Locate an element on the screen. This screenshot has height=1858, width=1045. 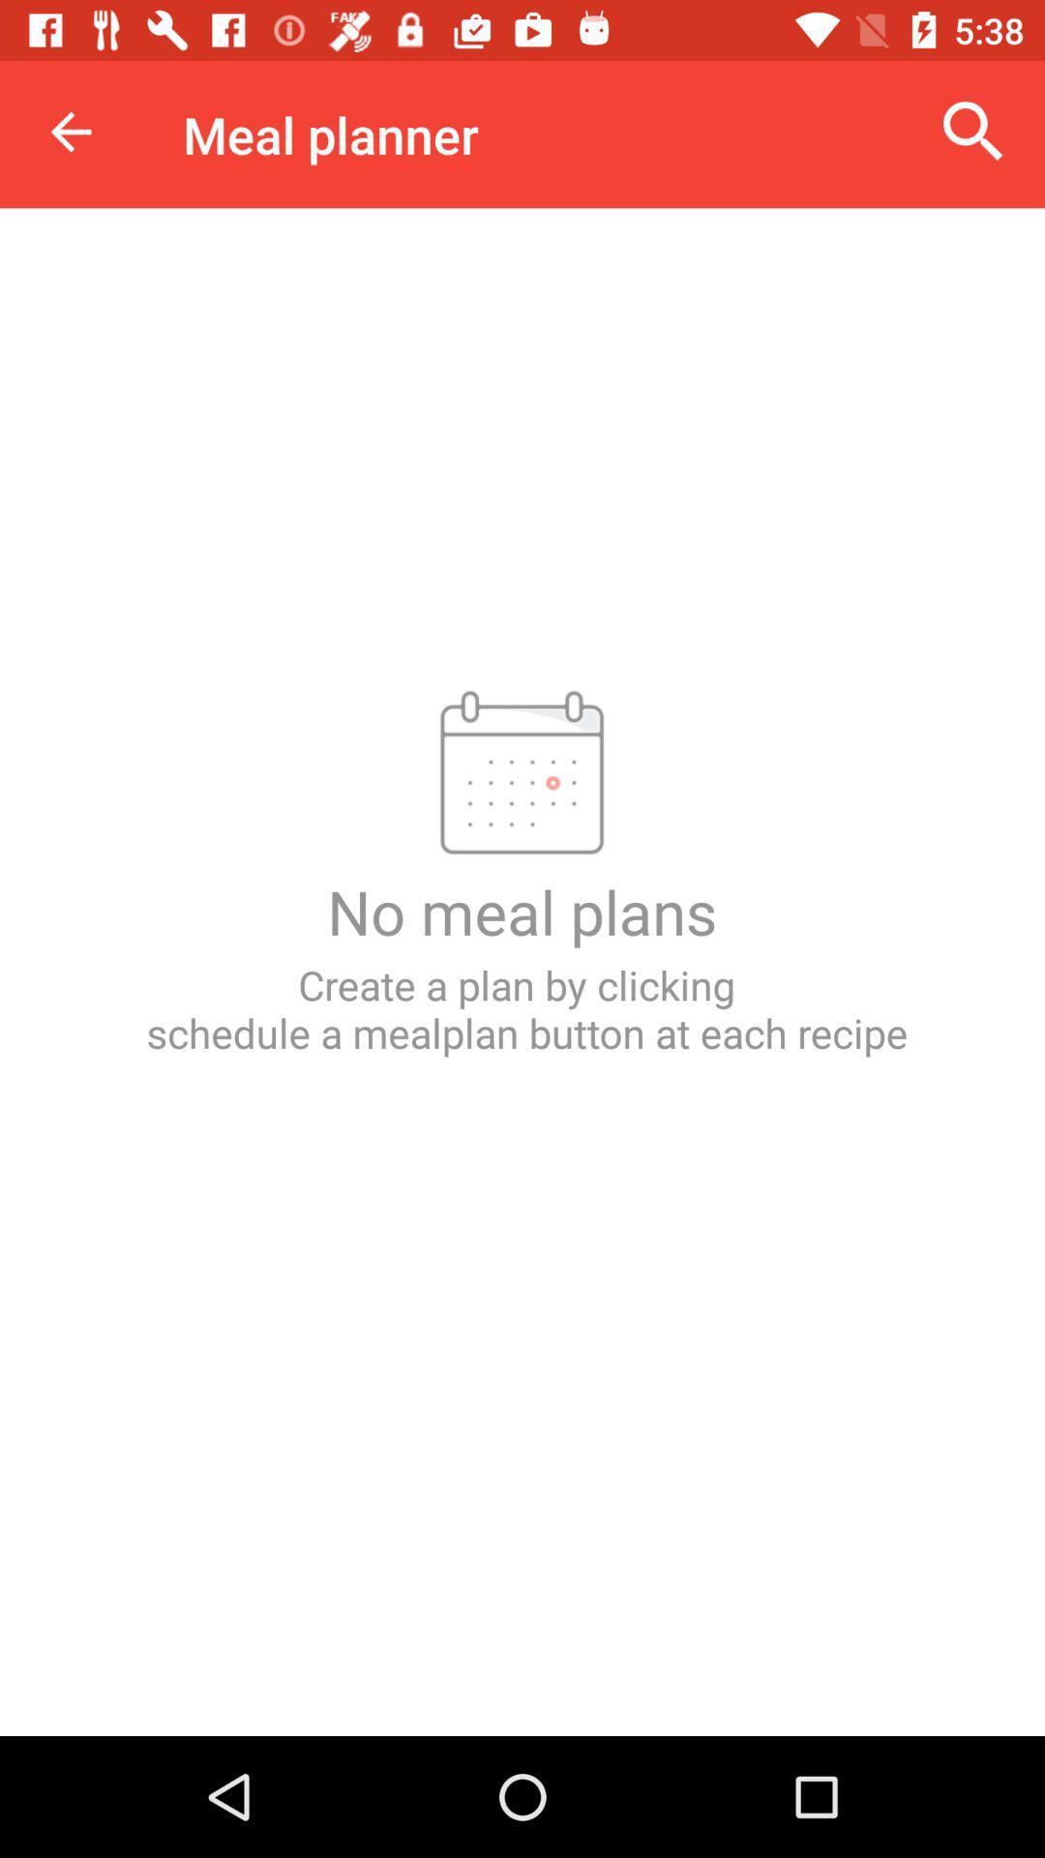
icon to the left of the meal planner item is located at coordinates (70, 131).